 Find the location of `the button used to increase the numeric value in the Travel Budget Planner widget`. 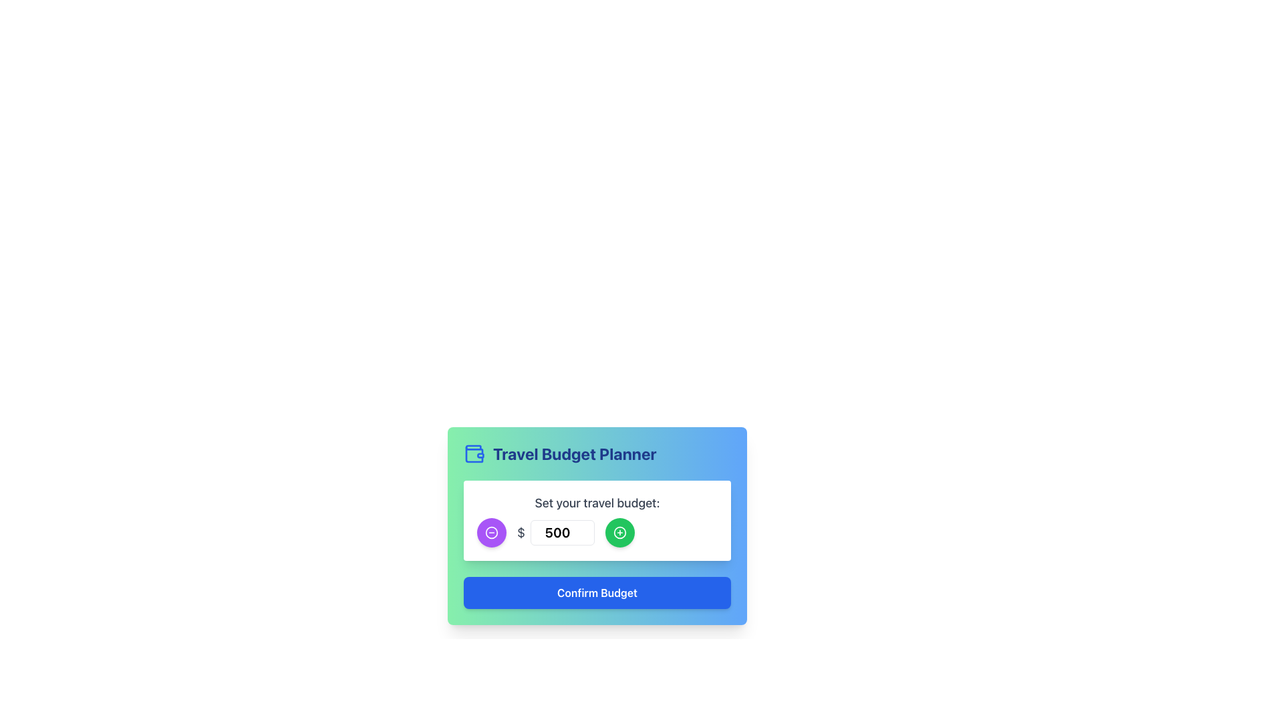

the button used to increase the numeric value in the Travel Budget Planner widget is located at coordinates (619, 532).